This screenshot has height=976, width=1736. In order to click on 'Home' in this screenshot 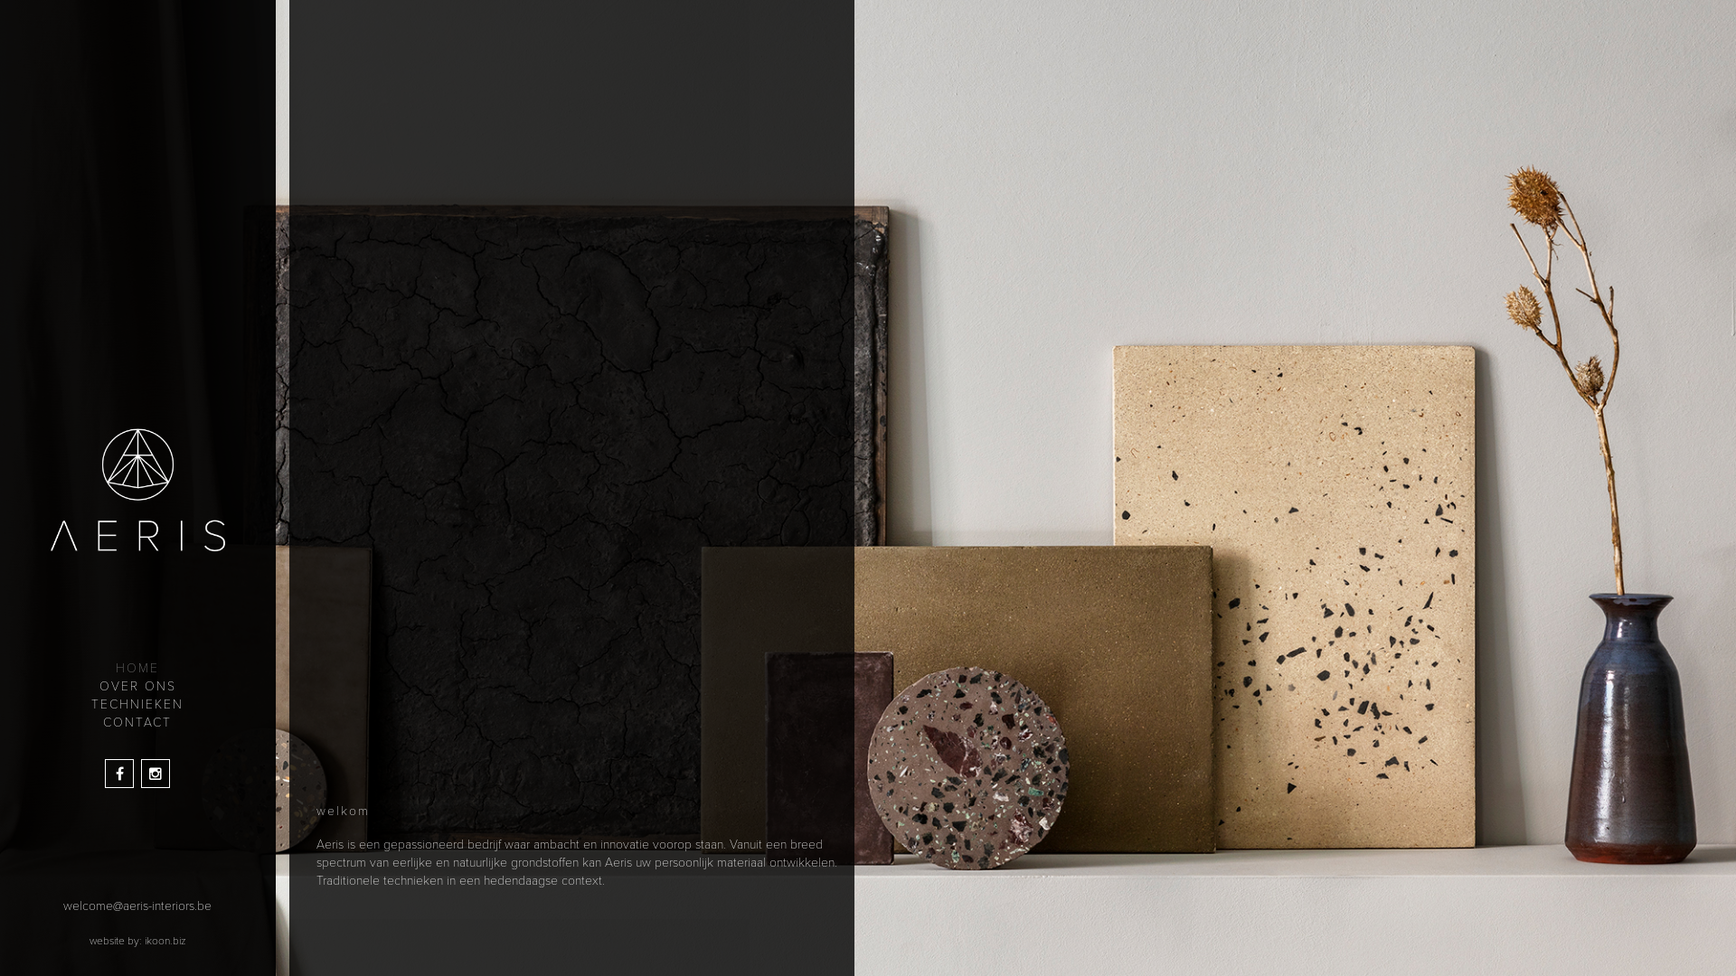, I will do `click(137, 498)`.